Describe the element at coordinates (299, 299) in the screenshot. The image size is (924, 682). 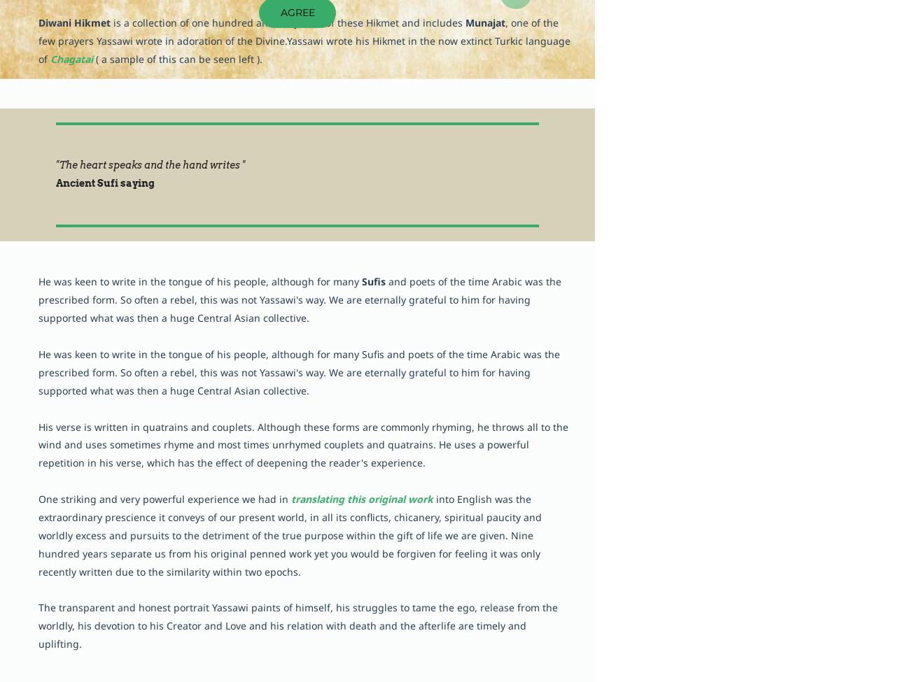
I see `'and poets of the time Arabic was the prescribed form. So often a rebel, this was not Yassawi's way. We are eternally grateful to him for having supported what was then a huge Central Asian collective.'` at that location.